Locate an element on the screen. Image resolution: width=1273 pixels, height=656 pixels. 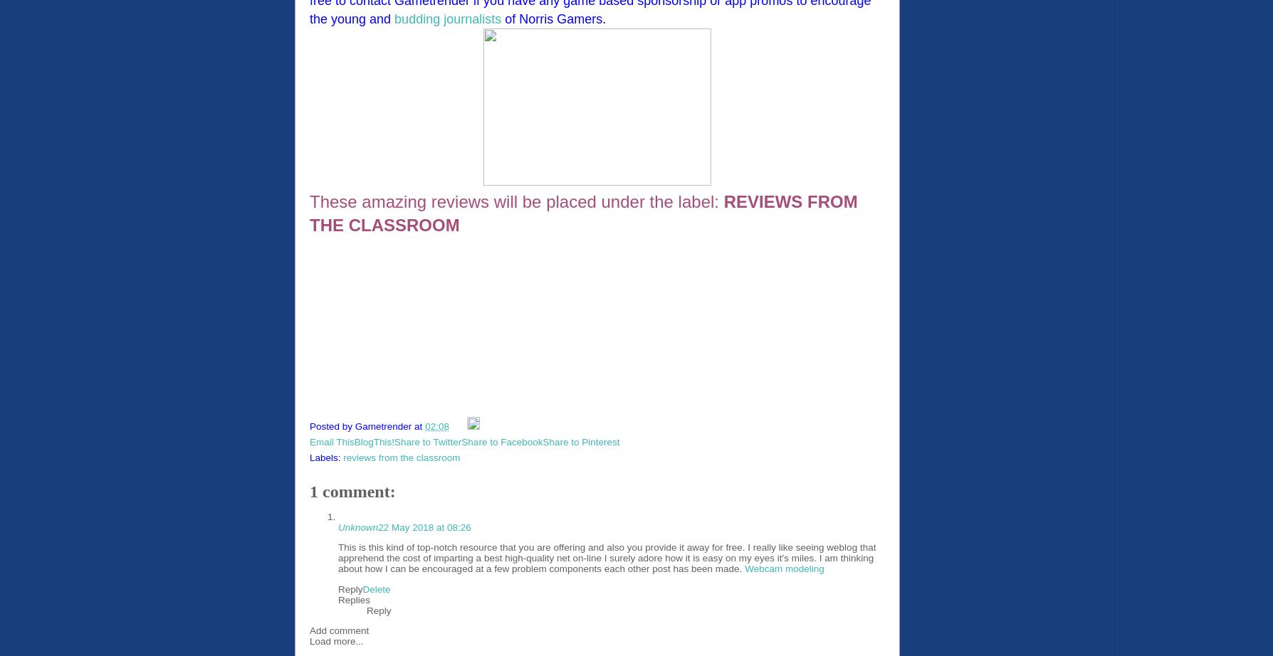
'at' is located at coordinates (419, 426).